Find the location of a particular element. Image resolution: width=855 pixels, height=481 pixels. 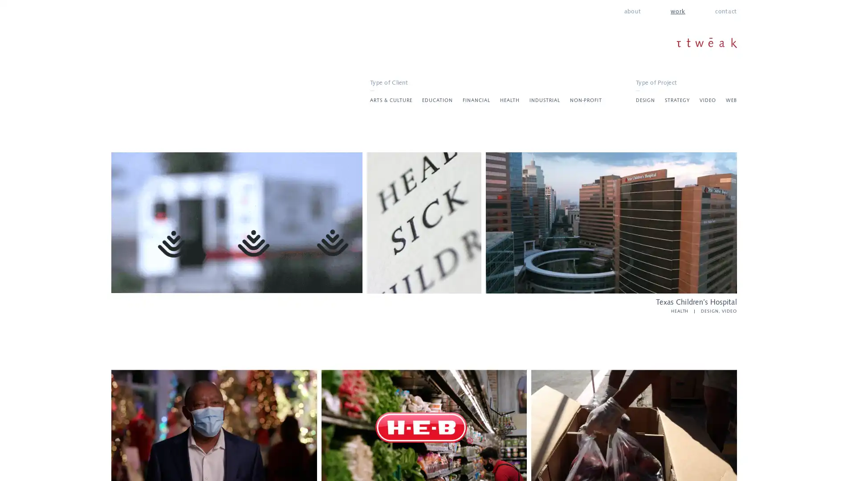

INDUSTRIAL is located at coordinates (544, 100).